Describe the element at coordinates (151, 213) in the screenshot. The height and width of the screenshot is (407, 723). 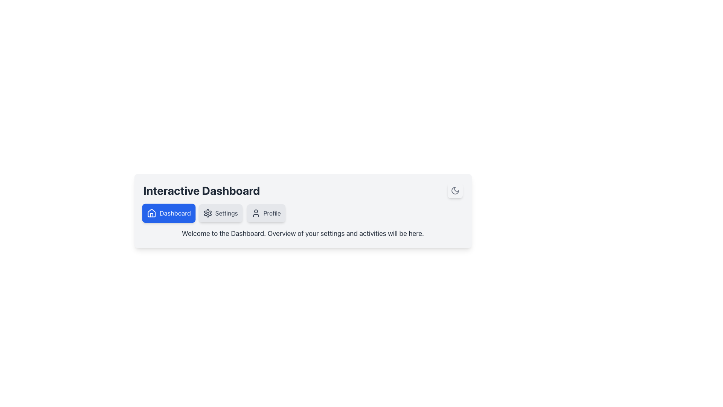
I see `the 'Dashboard' icon located on the leftmost side of the blue button with white text` at that location.